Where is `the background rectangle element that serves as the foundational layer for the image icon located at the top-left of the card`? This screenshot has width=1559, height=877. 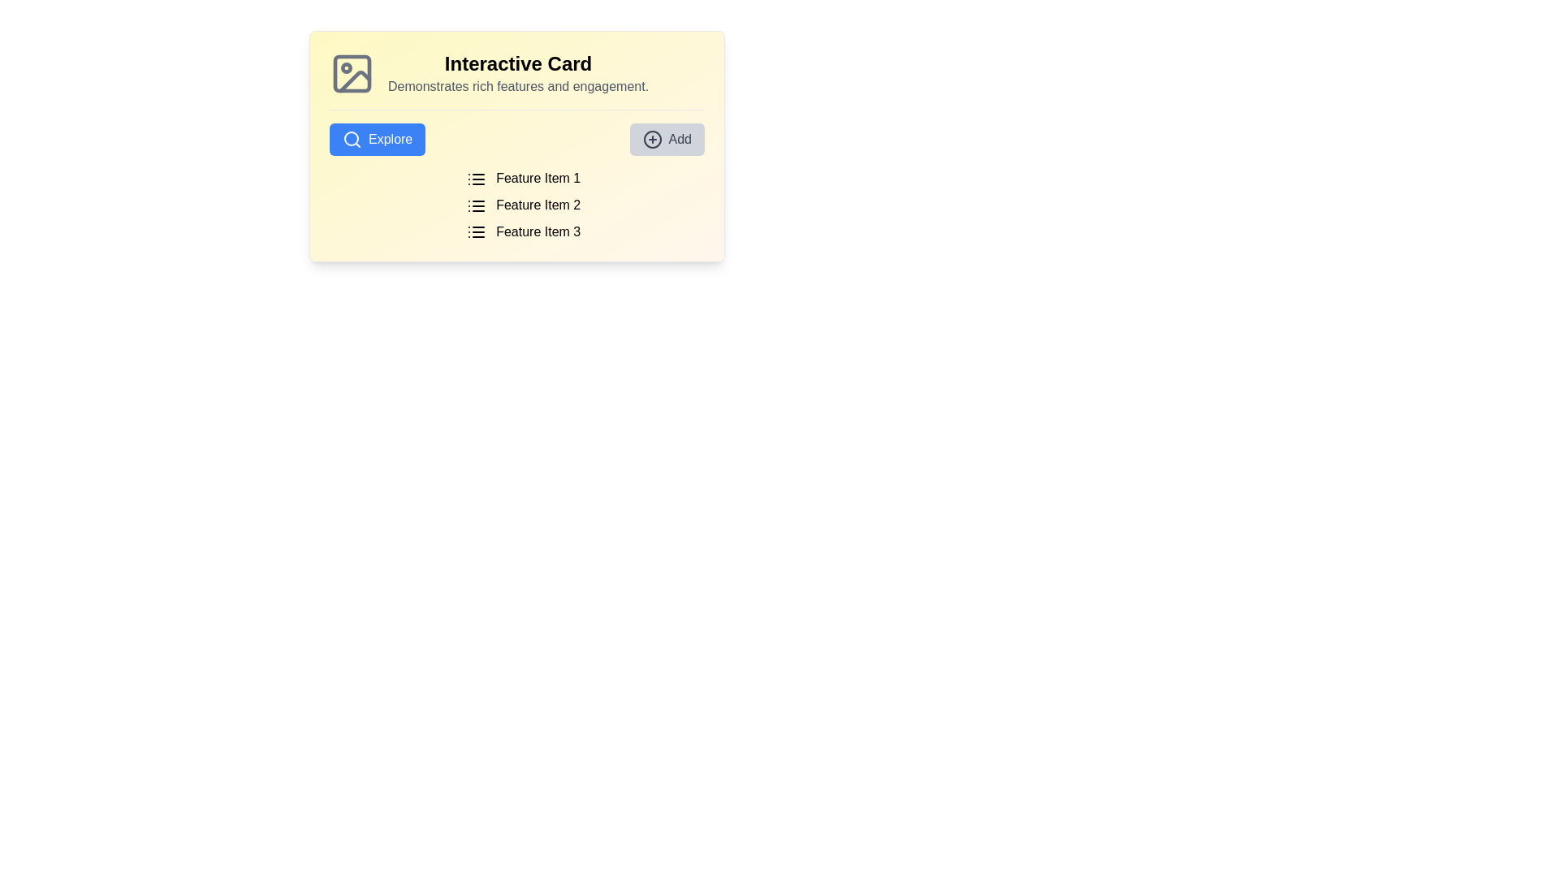 the background rectangle element that serves as the foundational layer for the image icon located at the top-left of the card is located at coordinates (351, 74).